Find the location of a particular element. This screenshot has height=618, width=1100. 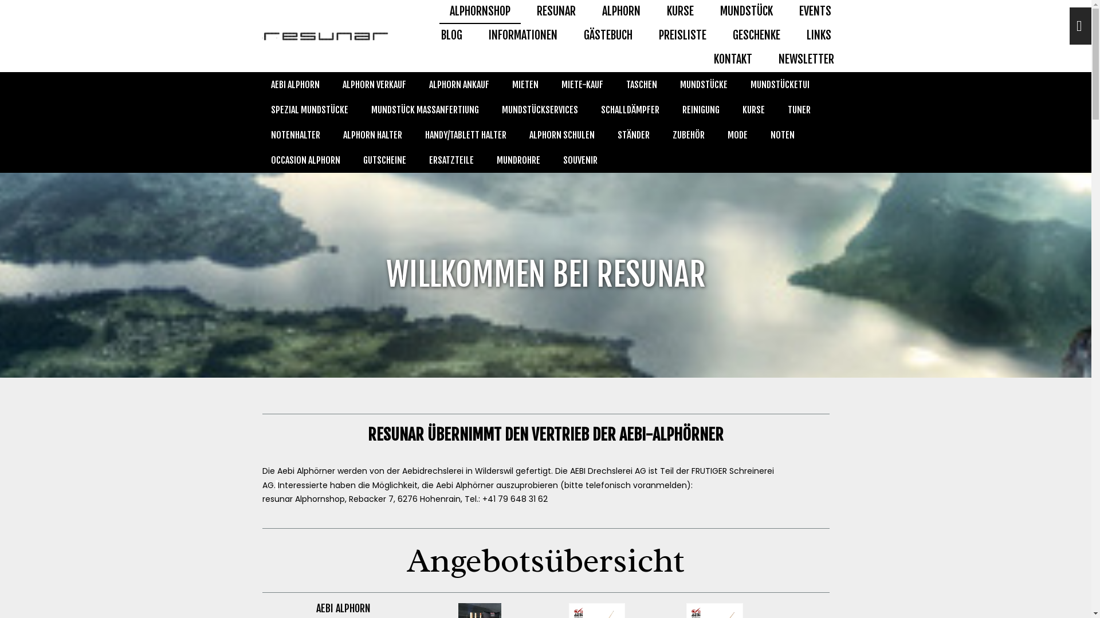

'NOTENHALTER' is located at coordinates (294, 134).